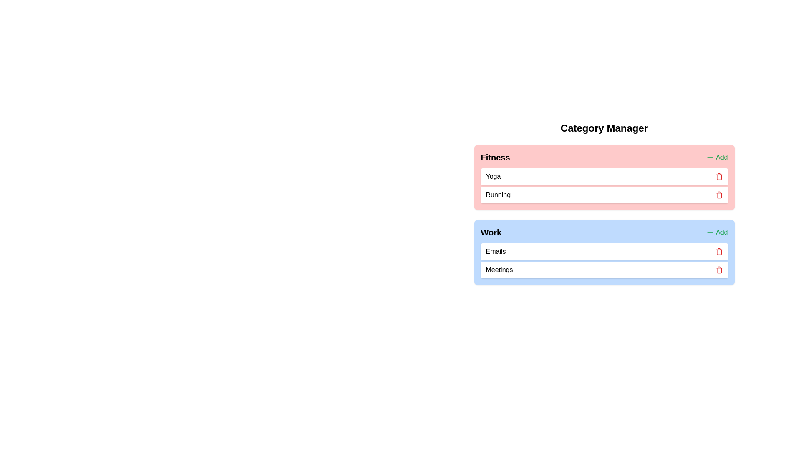 The height and width of the screenshot is (450, 801). What do you see at coordinates (716, 157) in the screenshot?
I see `the 'Add' button for the category labeled Fitness` at bounding box center [716, 157].